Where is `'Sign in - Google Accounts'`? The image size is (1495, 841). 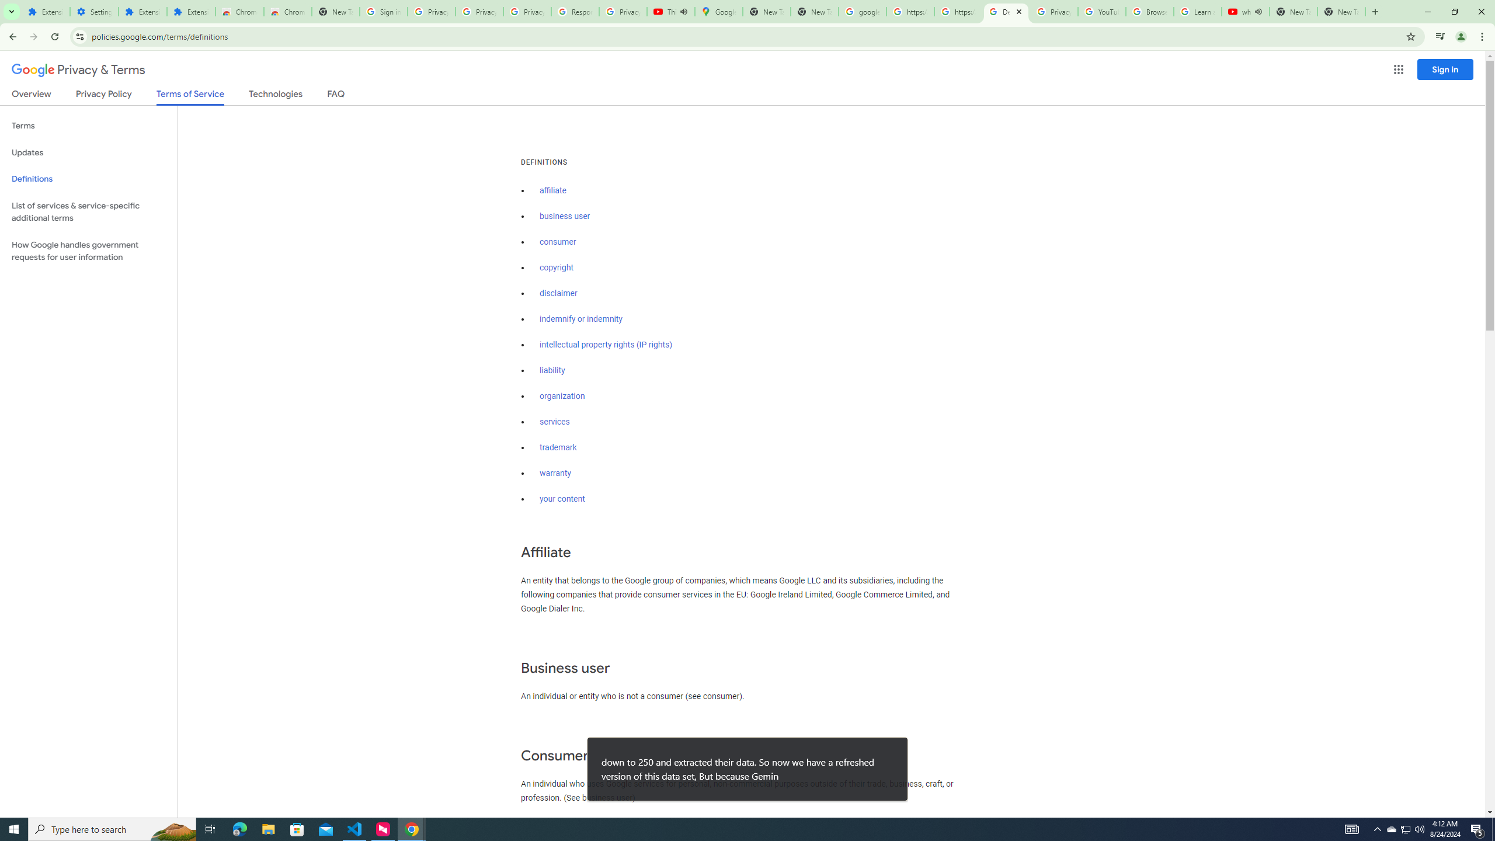
'Sign in - Google Accounts' is located at coordinates (383, 11).